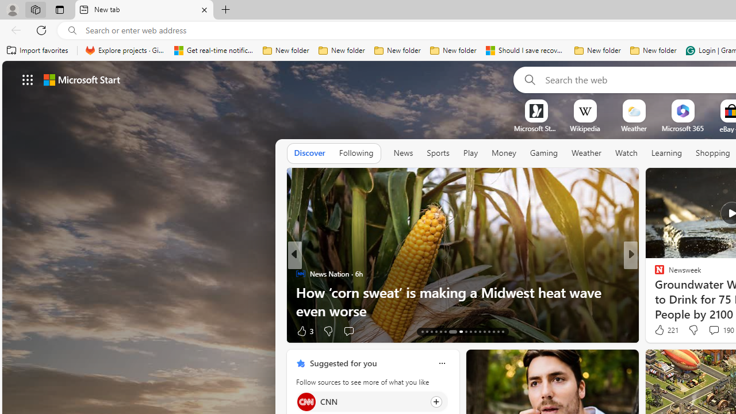 The image size is (736, 414). Describe the element at coordinates (28, 79) in the screenshot. I see `'App launcher'` at that location.